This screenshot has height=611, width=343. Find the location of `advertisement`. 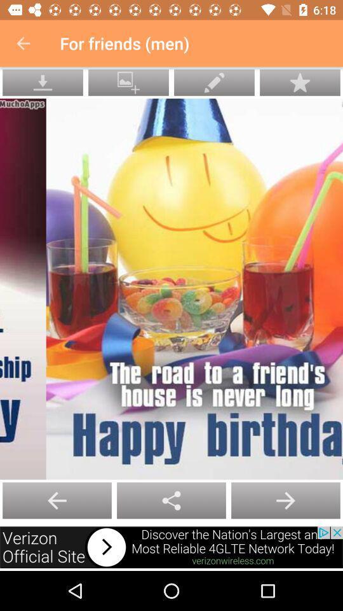

advertisement is located at coordinates (171, 547).